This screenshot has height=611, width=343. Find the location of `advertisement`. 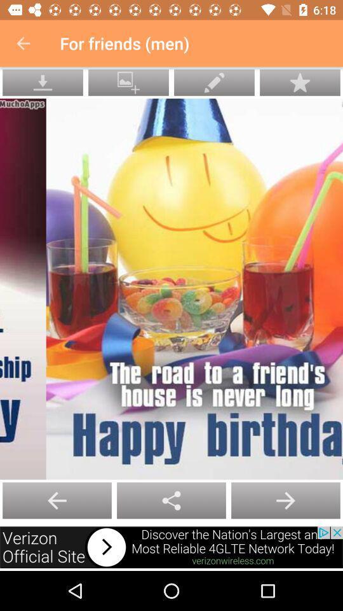

advertisement is located at coordinates (171, 547).